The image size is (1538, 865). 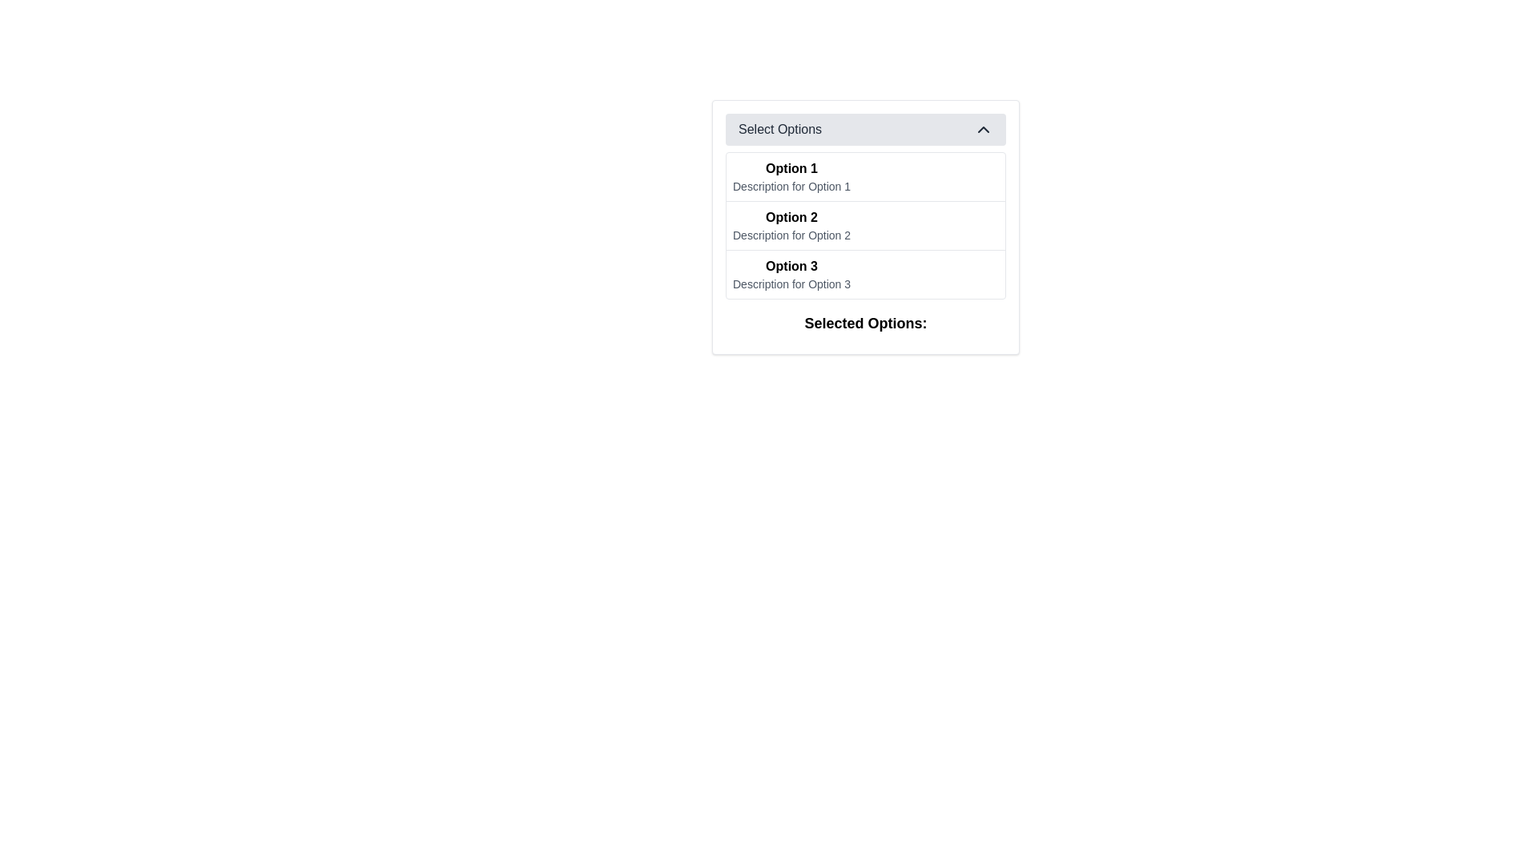 What do you see at coordinates (780, 129) in the screenshot?
I see `the 'Select Options' text label within the dropdown header, which is displayed in bold black font and positioned in a light gray rectangular section` at bounding box center [780, 129].